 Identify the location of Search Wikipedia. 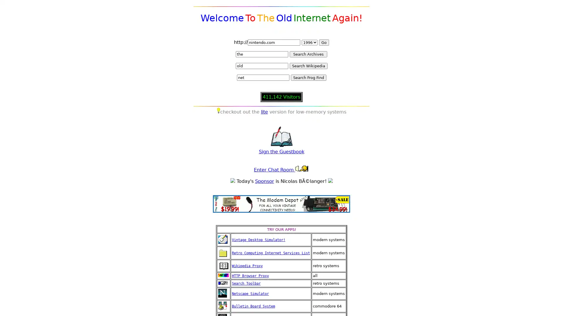
(308, 66).